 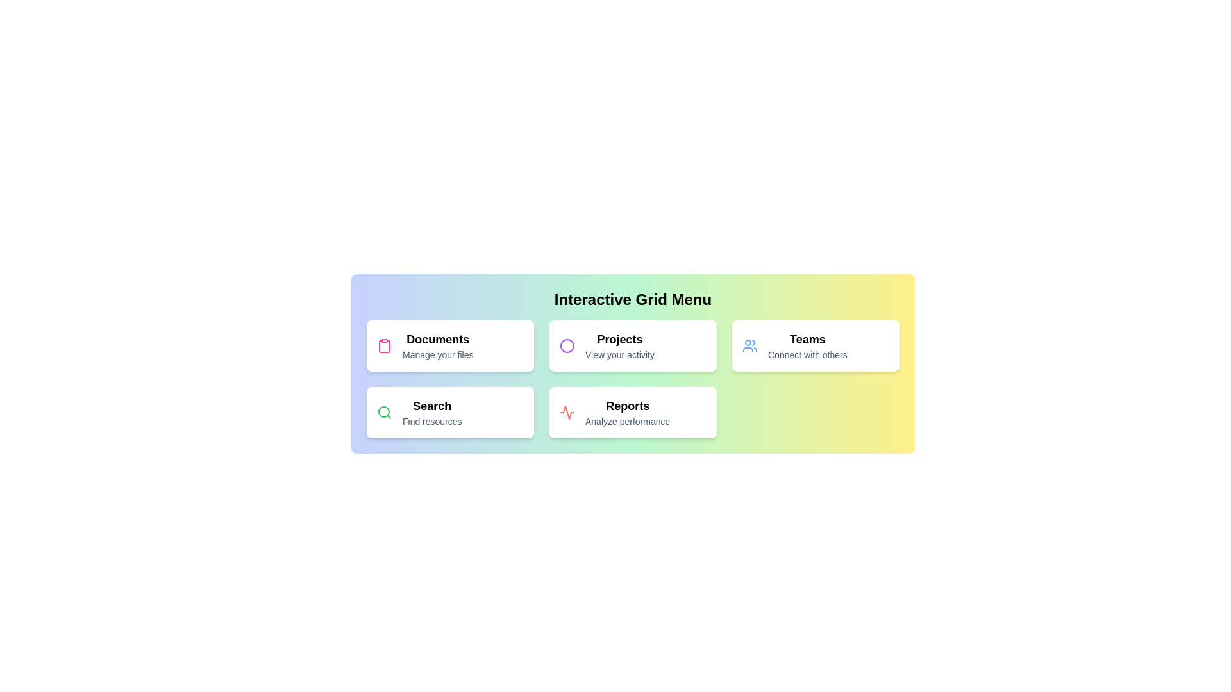 What do you see at coordinates (450, 346) in the screenshot?
I see `the grid item labeled Documents to observe the hover effect` at bounding box center [450, 346].